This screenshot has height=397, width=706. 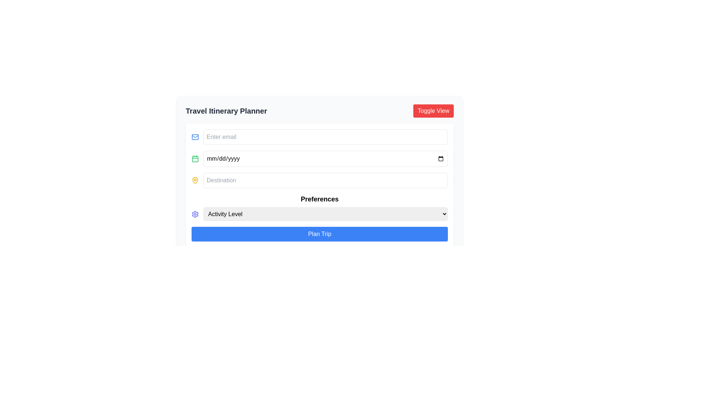 What do you see at coordinates (320, 214) in the screenshot?
I see `an option from the Dropdown Menu located under the 'Preferences' section, which is the second item below the 'Travel Itinerary Planner' header` at bounding box center [320, 214].